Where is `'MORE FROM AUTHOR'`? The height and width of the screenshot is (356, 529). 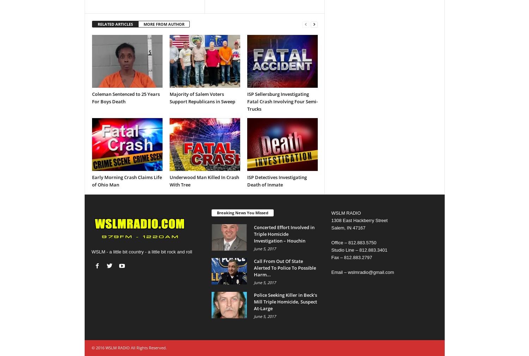 'MORE FROM AUTHOR' is located at coordinates (163, 24).